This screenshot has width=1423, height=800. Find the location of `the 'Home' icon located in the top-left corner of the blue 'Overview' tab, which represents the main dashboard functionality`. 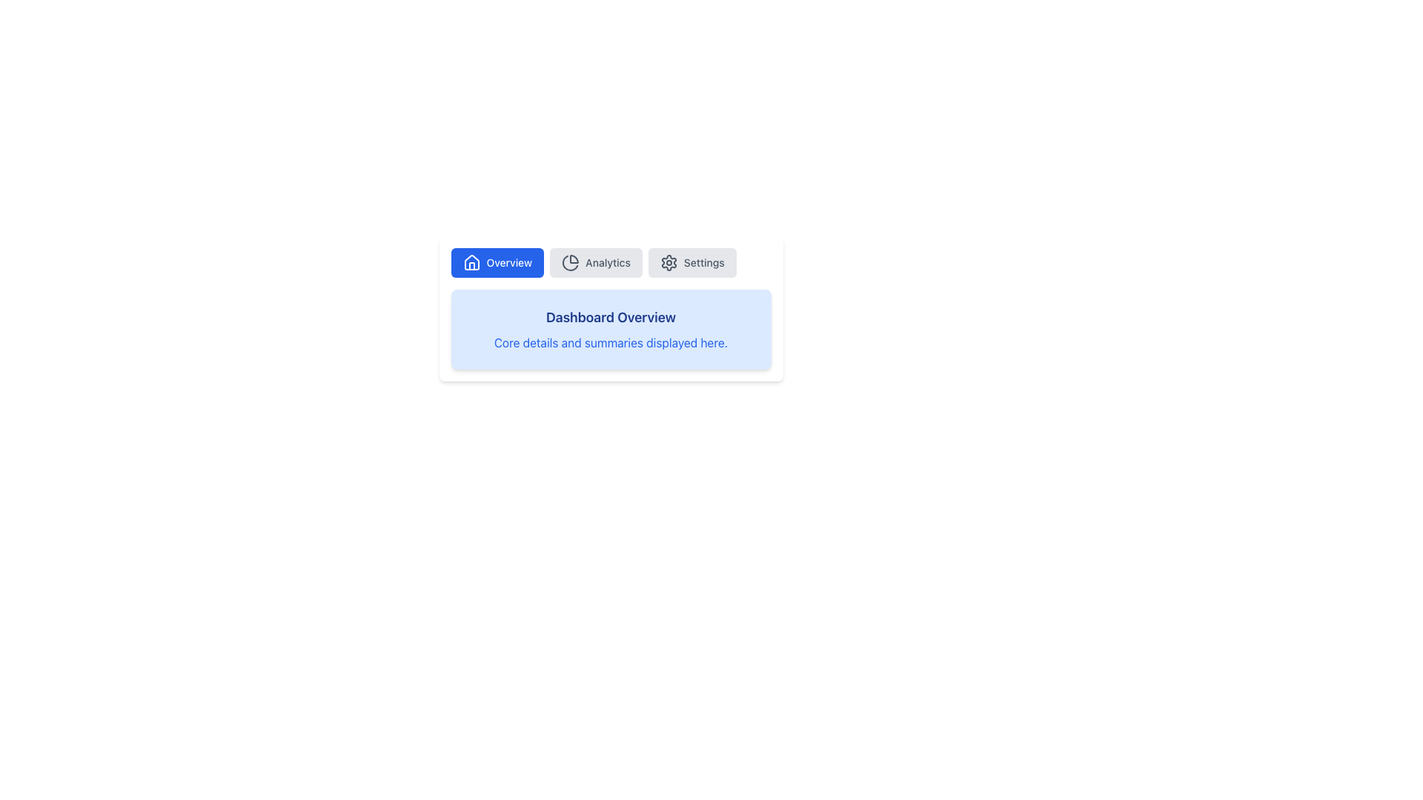

the 'Home' icon located in the top-left corner of the blue 'Overview' tab, which represents the main dashboard functionality is located at coordinates (471, 261).